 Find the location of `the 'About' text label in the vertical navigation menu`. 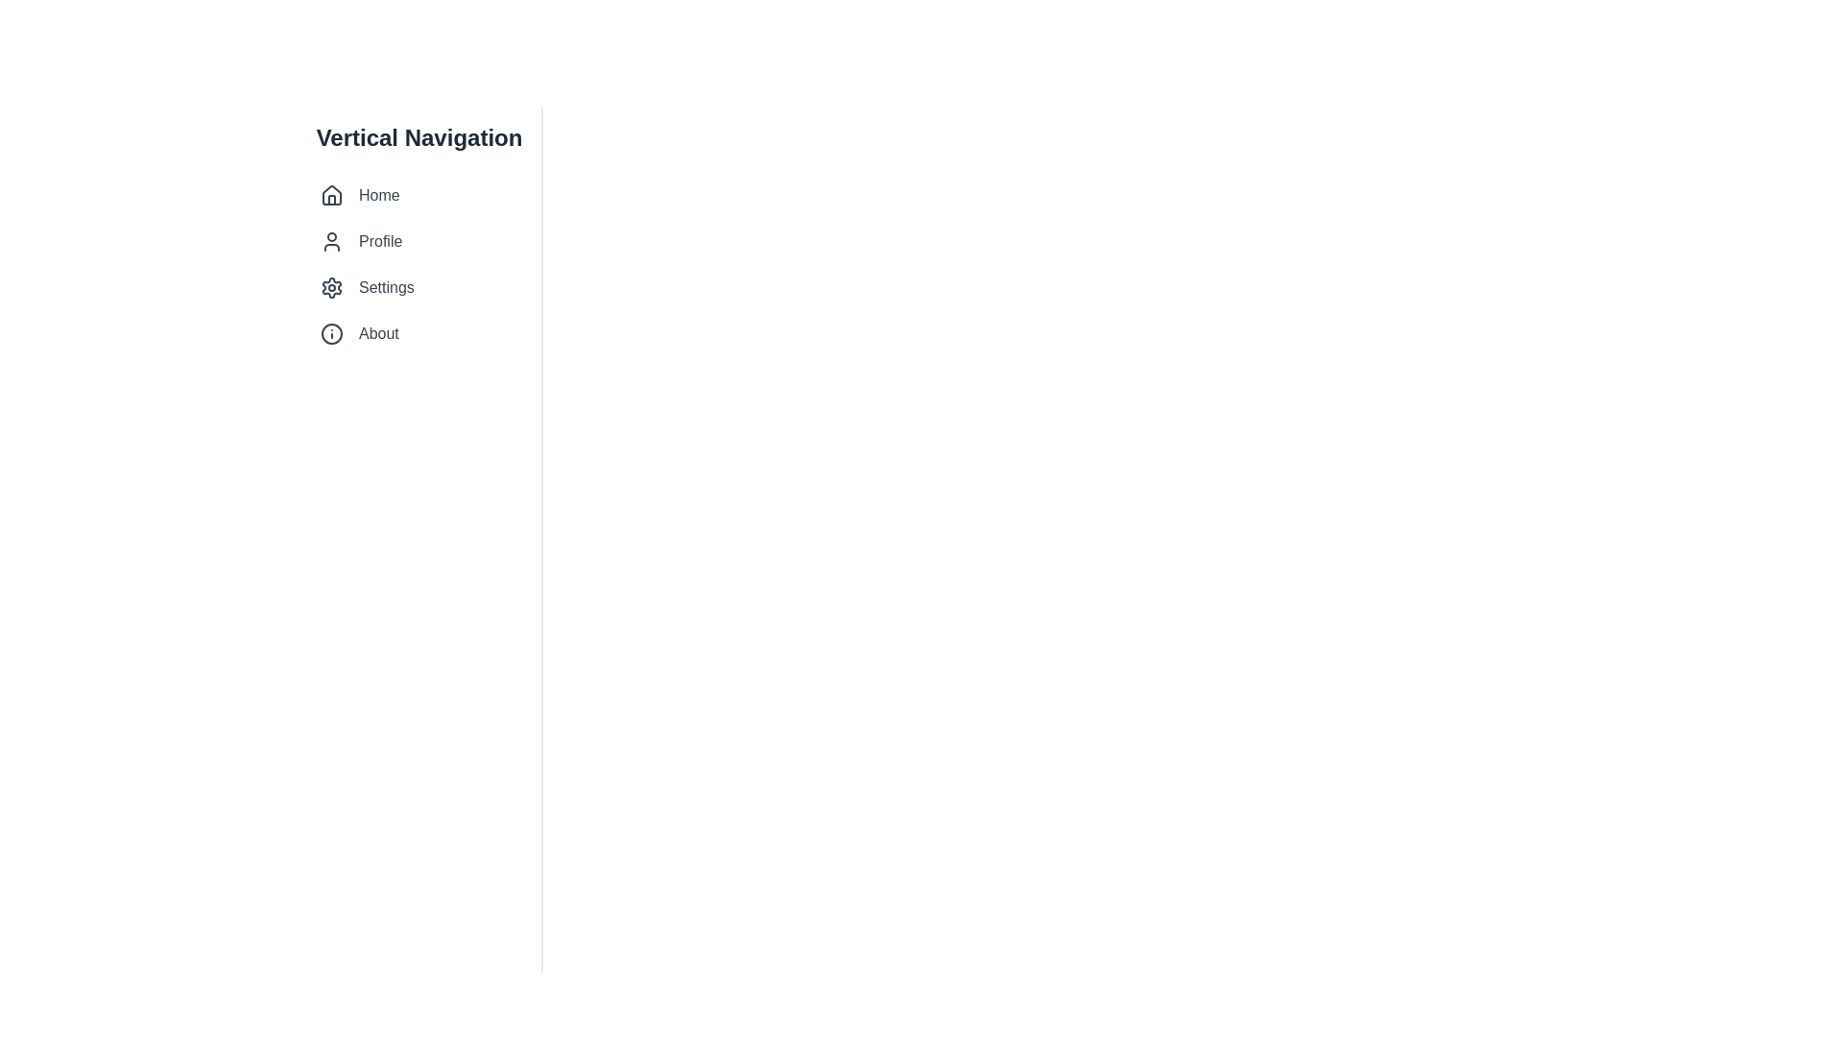

the 'About' text label in the vertical navigation menu is located at coordinates (378, 332).